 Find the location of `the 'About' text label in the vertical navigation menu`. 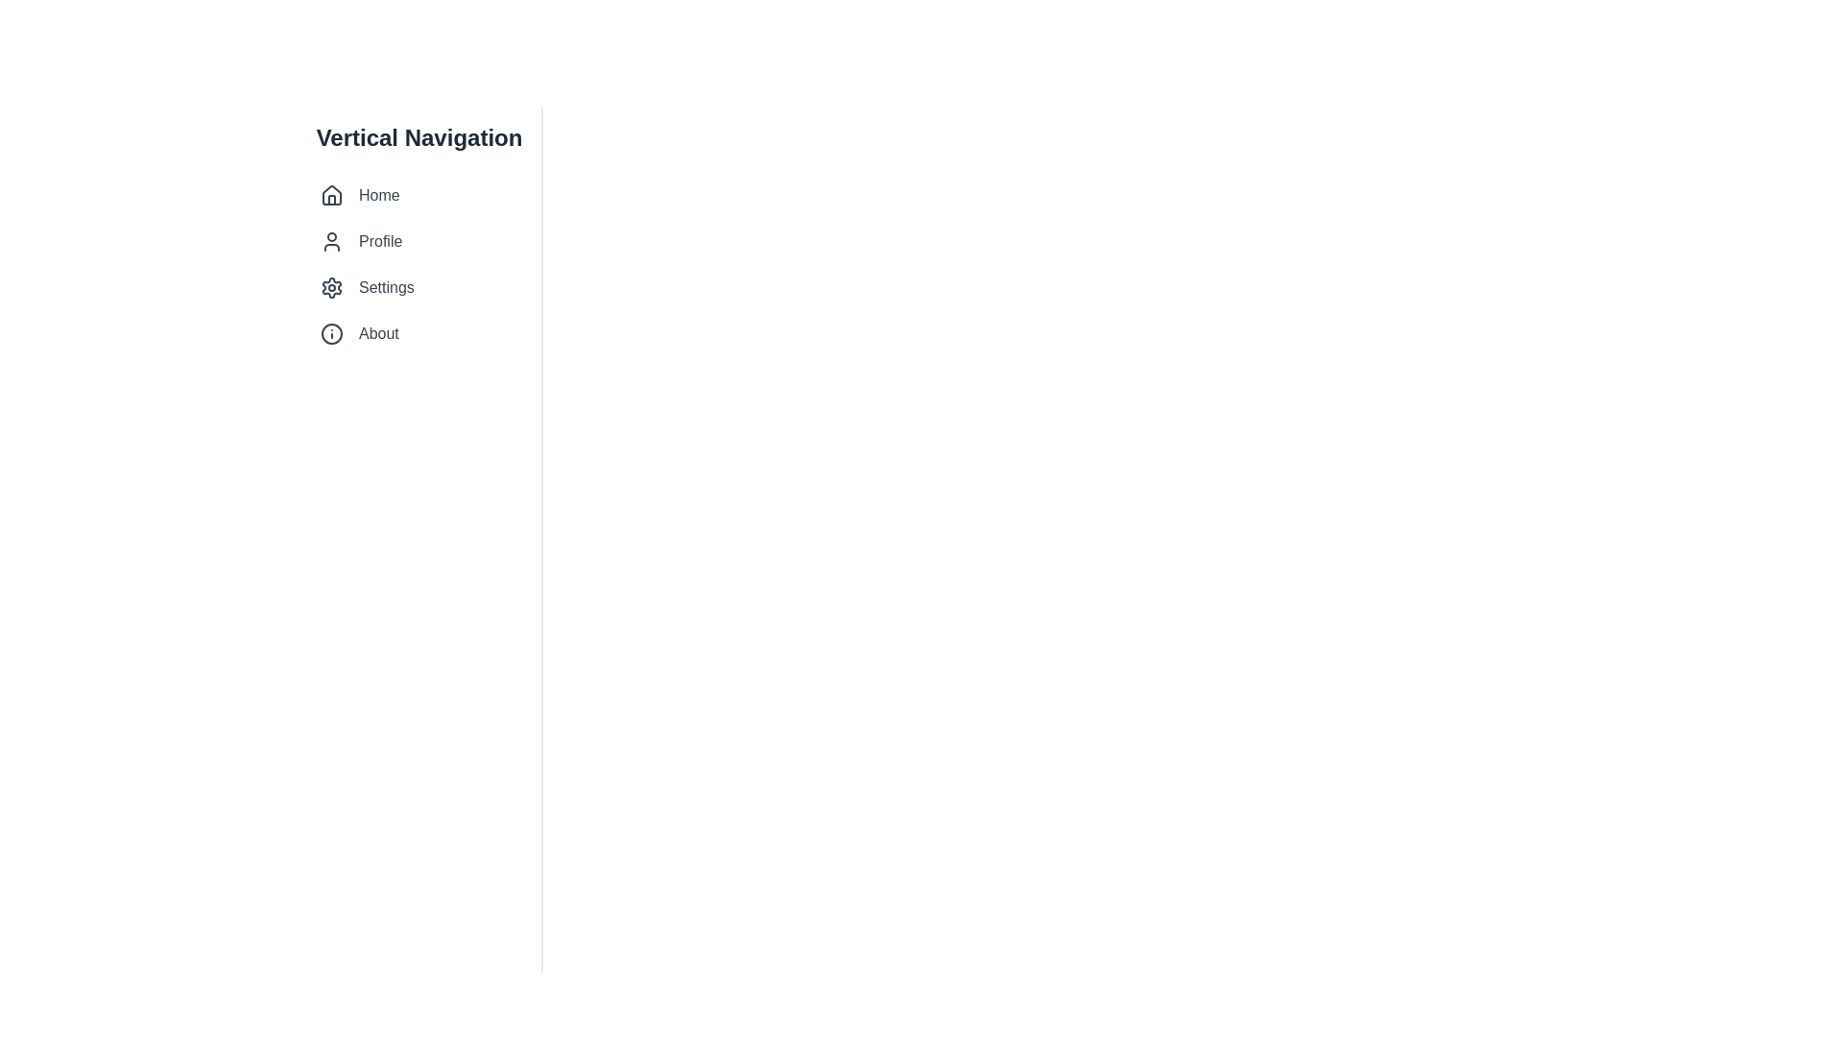

the 'About' text label in the vertical navigation menu is located at coordinates (378, 332).